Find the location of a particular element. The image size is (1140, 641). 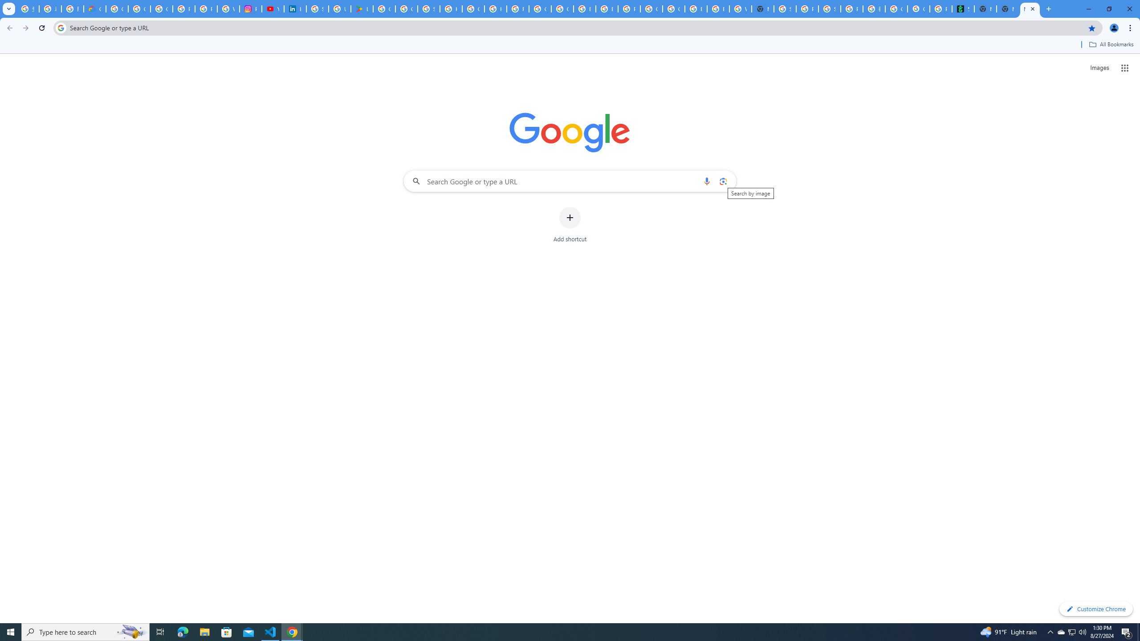

'Sign in - Google Accounts' is located at coordinates (428, 8).